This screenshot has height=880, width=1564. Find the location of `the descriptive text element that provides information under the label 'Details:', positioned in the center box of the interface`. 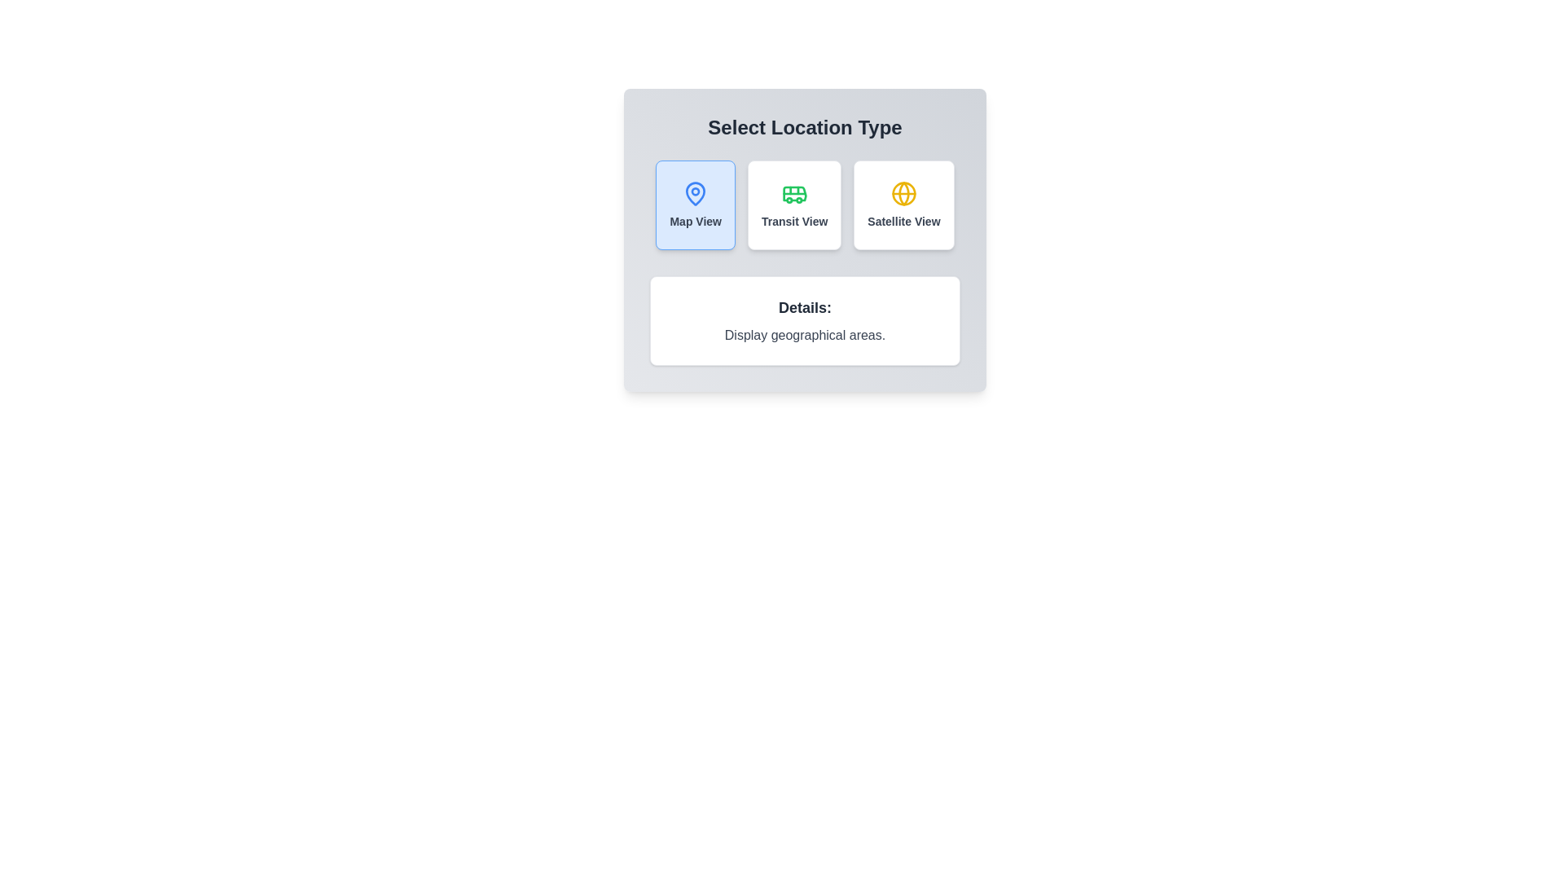

the descriptive text element that provides information under the label 'Details:', positioned in the center box of the interface is located at coordinates (805, 335).